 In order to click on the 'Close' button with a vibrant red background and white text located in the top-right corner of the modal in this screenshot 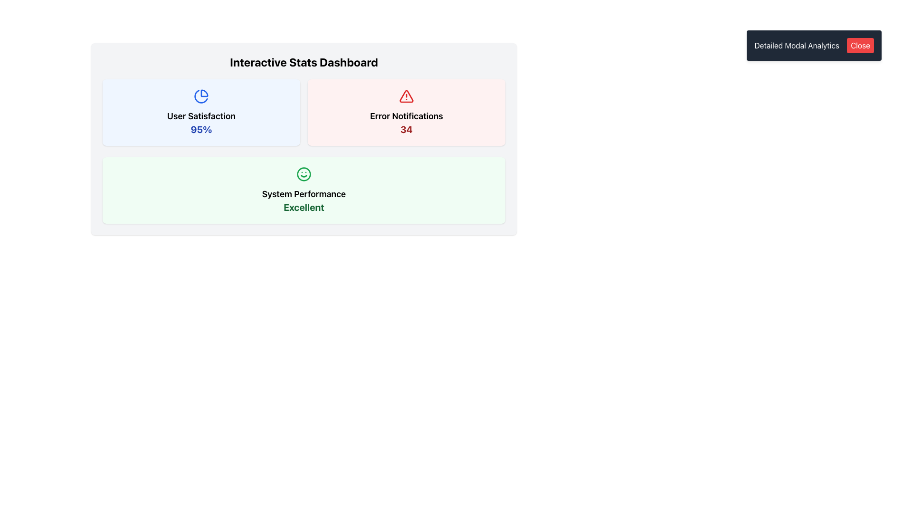, I will do `click(860, 46)`.